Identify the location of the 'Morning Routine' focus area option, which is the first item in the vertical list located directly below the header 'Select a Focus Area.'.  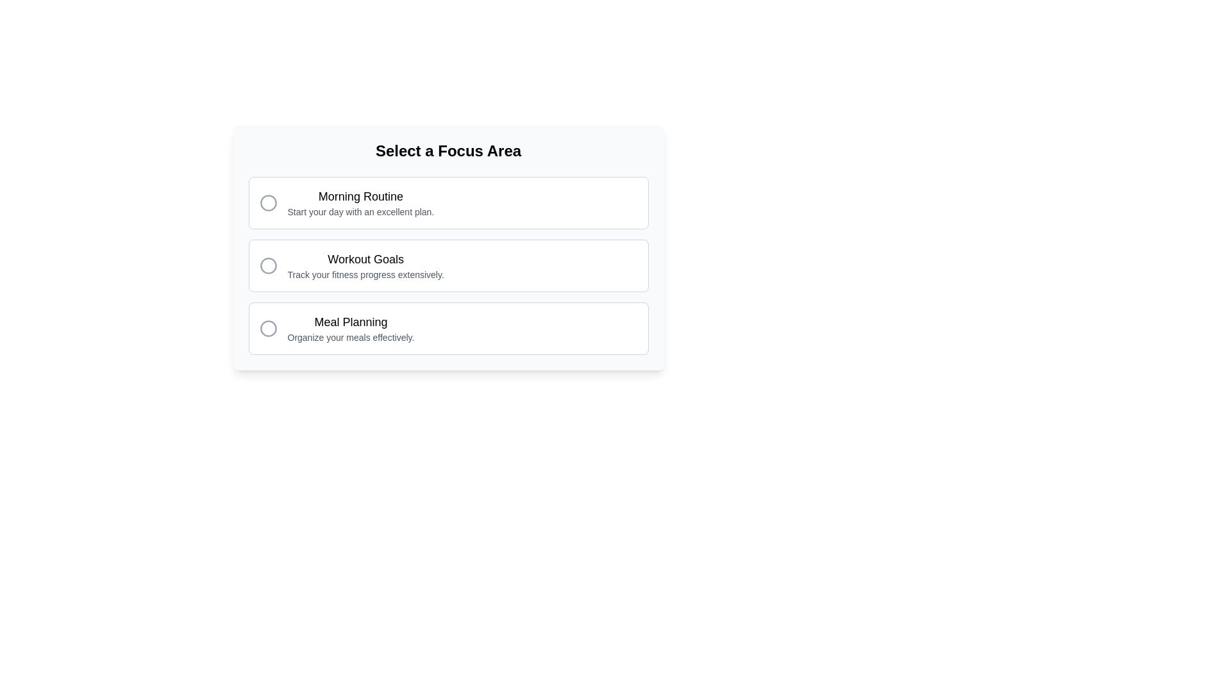
(360, 202).